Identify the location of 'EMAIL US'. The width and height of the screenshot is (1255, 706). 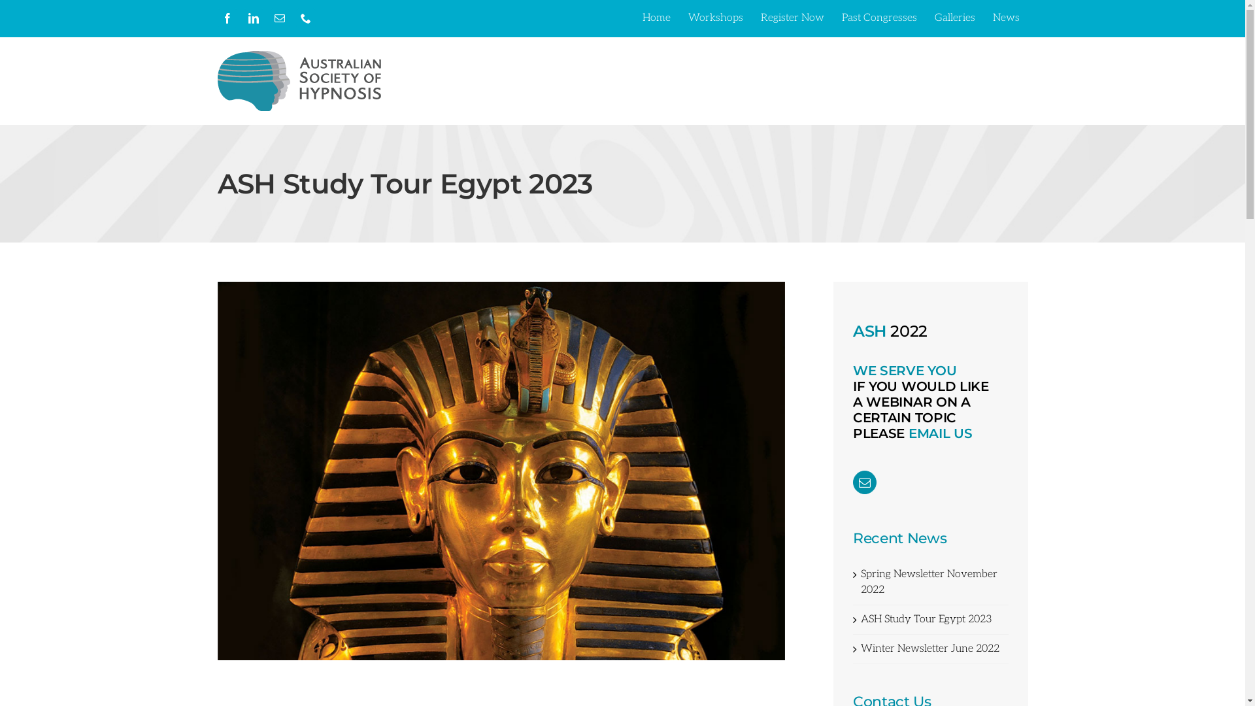
(940, 433).